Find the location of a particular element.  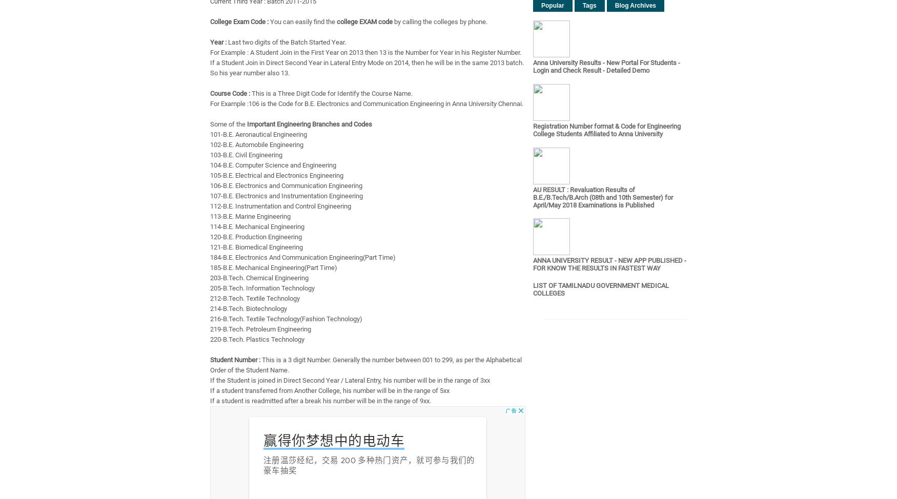

'Blog Archives' is located at coordinates (635, 6).